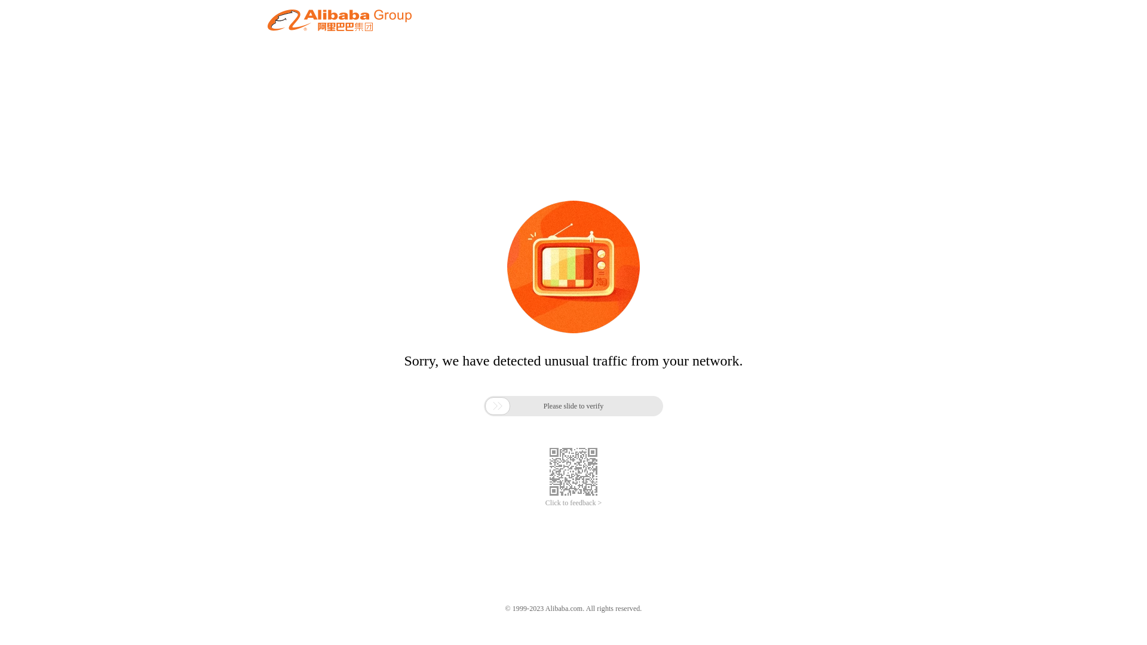 The width and height of the screenshot is (1147, 645). I want to click on 'Click to feedback >', so click(544, 503).